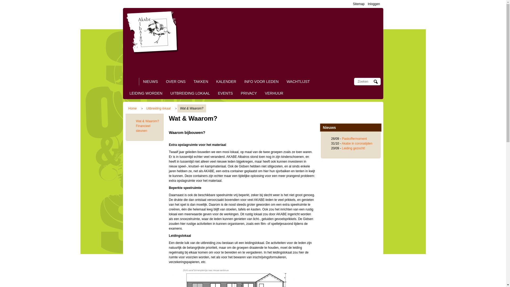 Image resolution: width=510 pixels, height=287 pixels. What do you see at coordinates (354, 138) in the screenshot?
I see `'Paskoffermoment'` at bounding box center [354, 138].